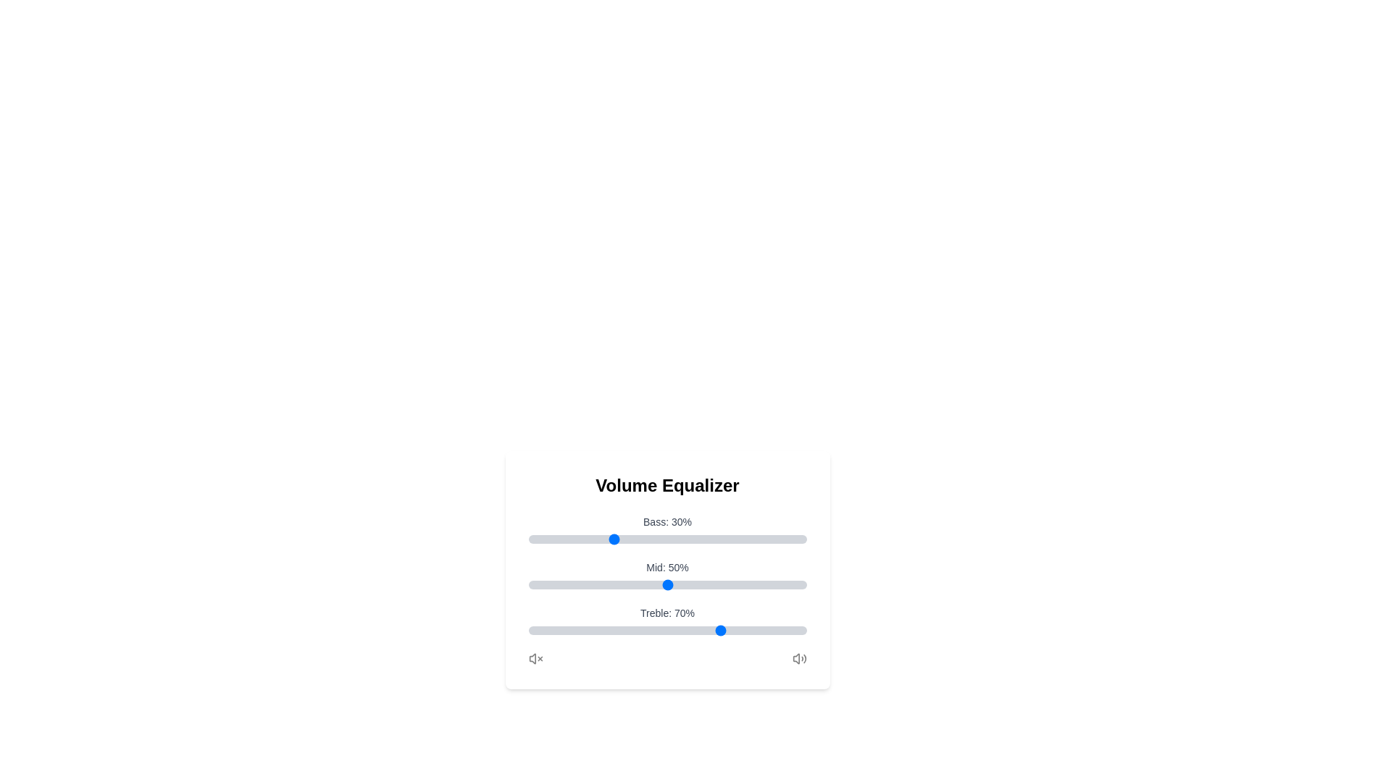  What do you see at coordinates (800, 630) in the screenshot?
I see `the Treble slider to 98%` at bounding box center [800, 630].